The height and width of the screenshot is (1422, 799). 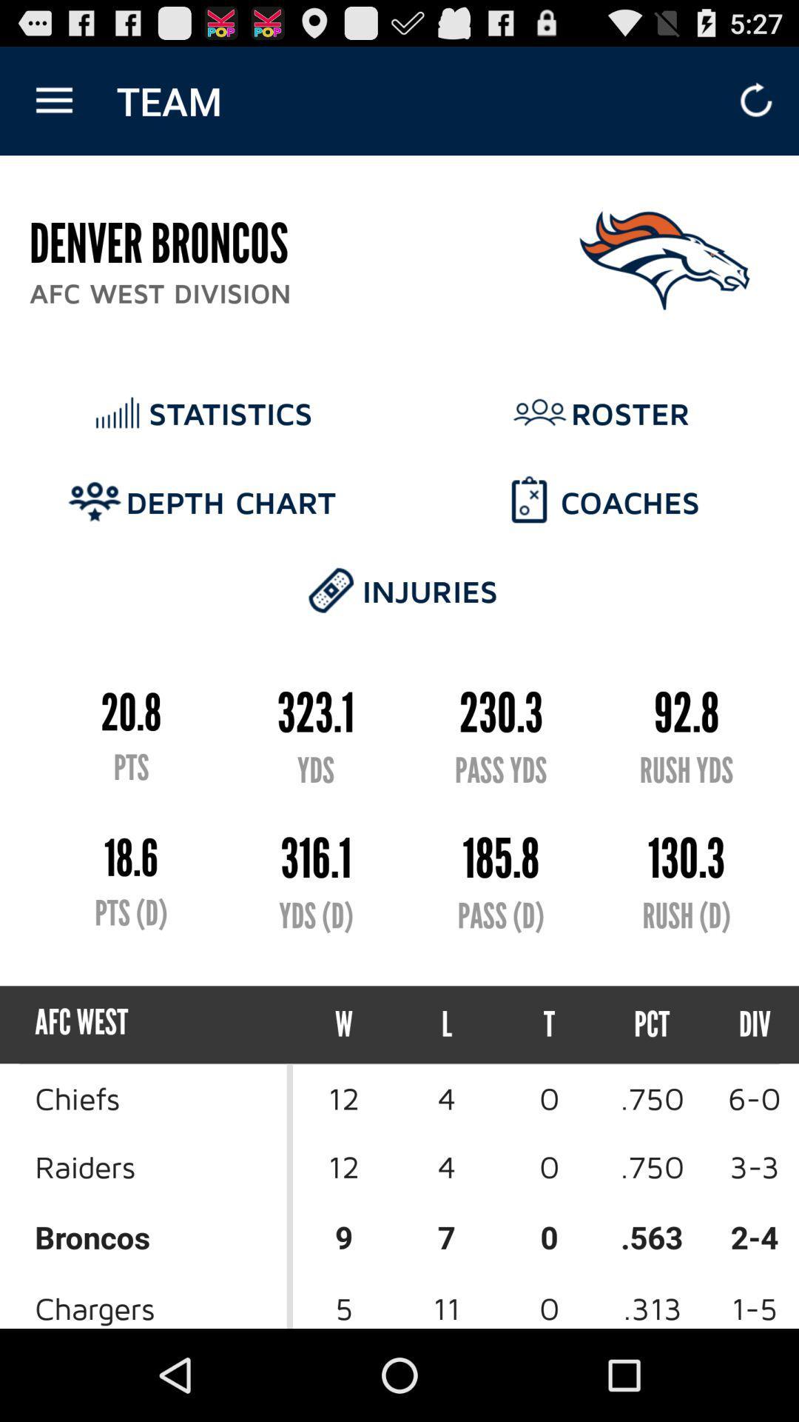 What do you see at coordinates (344, 1024) in the screenshot?
I see `icon above chiefs` at bounding box center [344, 1024].